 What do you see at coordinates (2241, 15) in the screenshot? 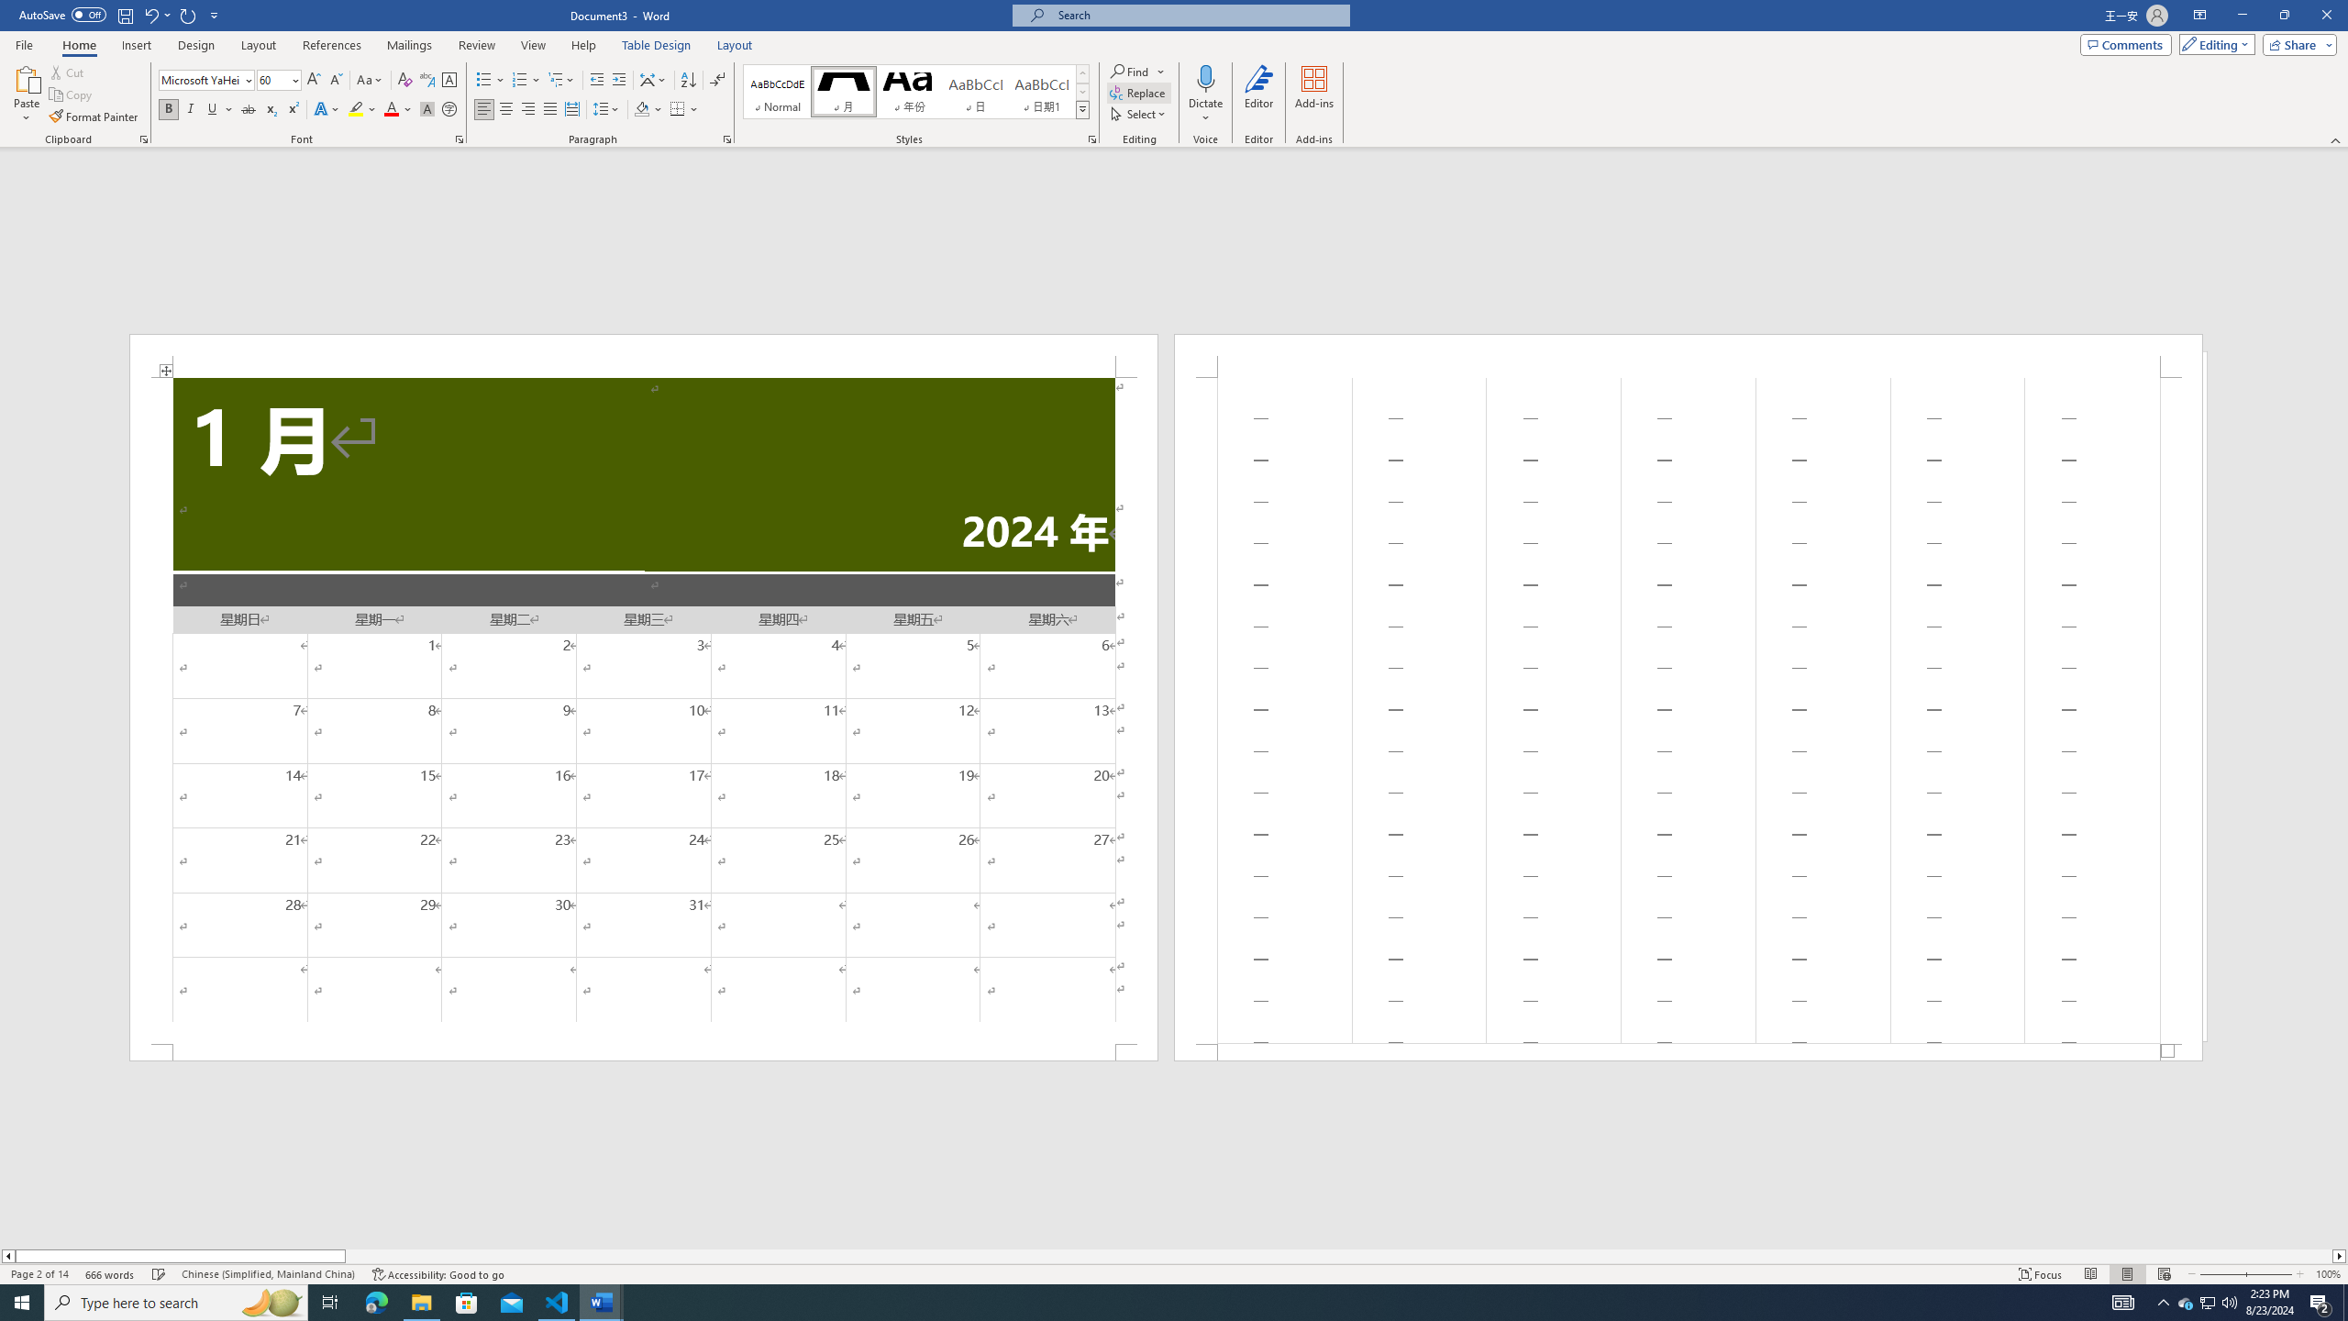
I see `'Minimize'` at bounding box center [2241, 15].